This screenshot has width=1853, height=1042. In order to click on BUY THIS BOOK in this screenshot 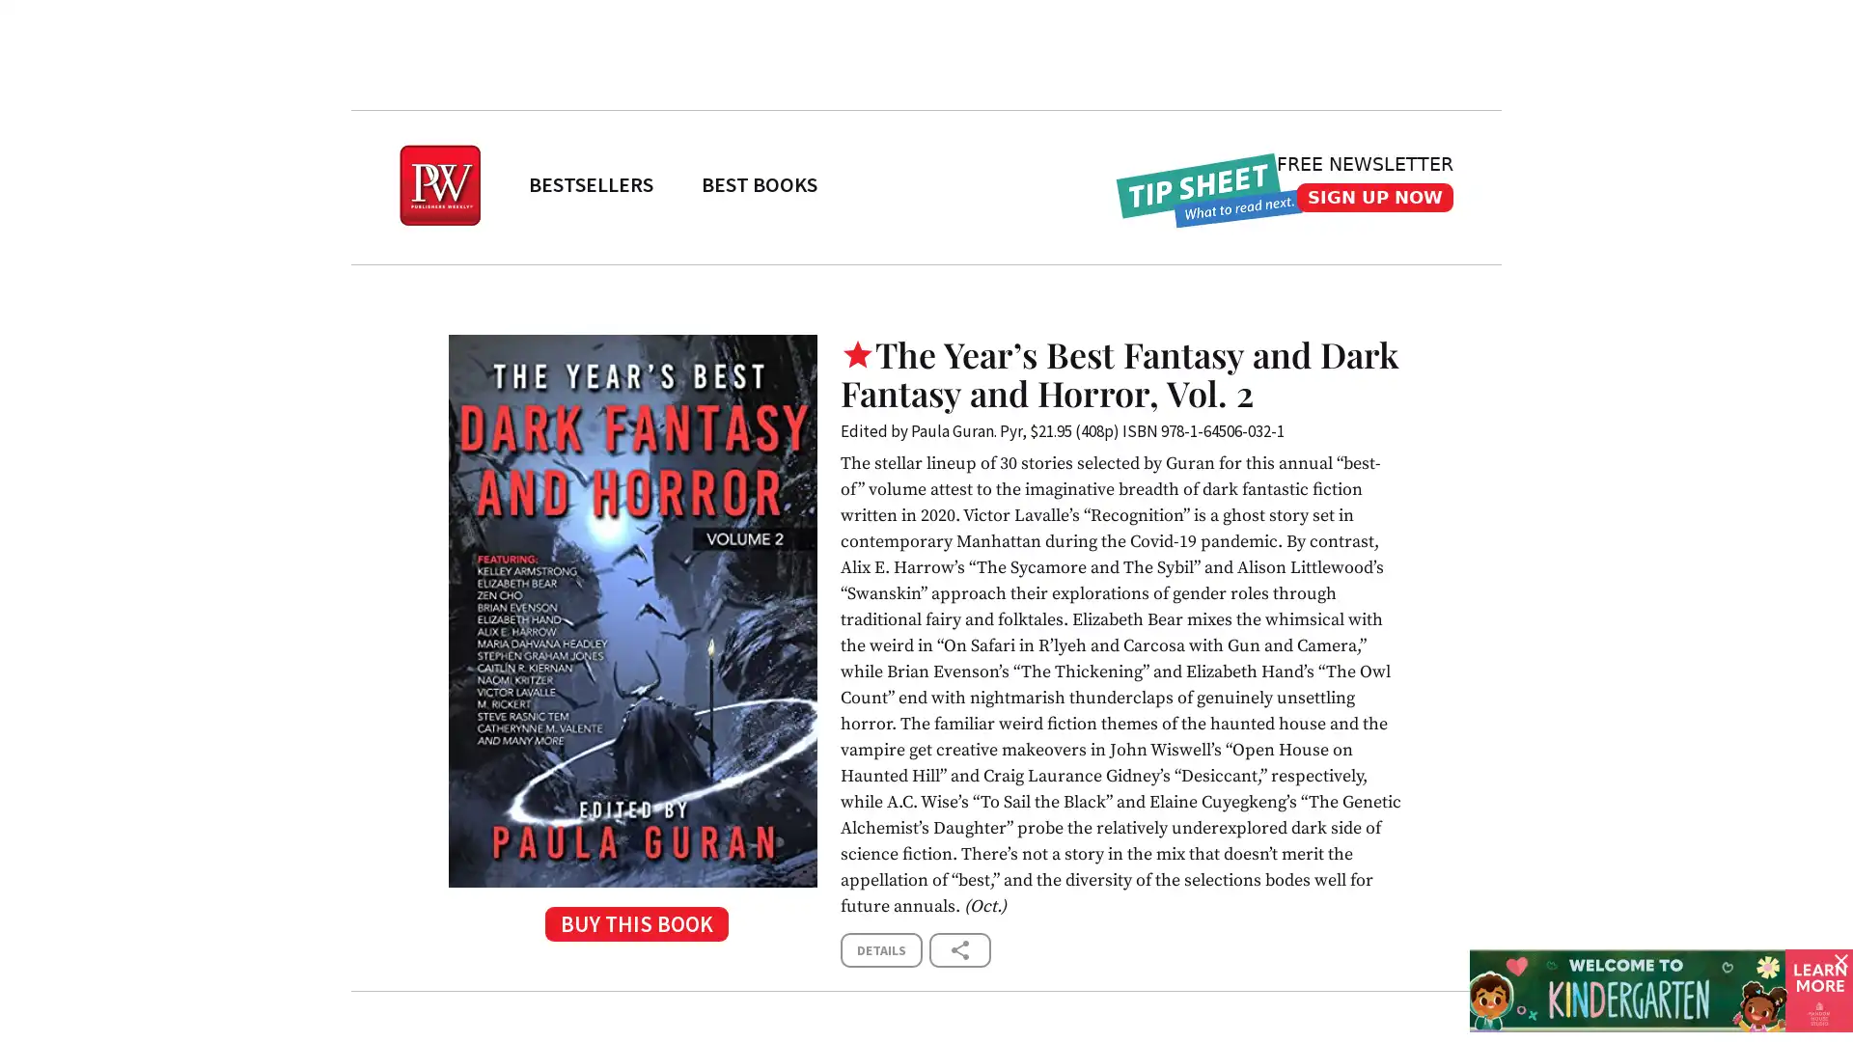, I will do `click(632, 929)`.